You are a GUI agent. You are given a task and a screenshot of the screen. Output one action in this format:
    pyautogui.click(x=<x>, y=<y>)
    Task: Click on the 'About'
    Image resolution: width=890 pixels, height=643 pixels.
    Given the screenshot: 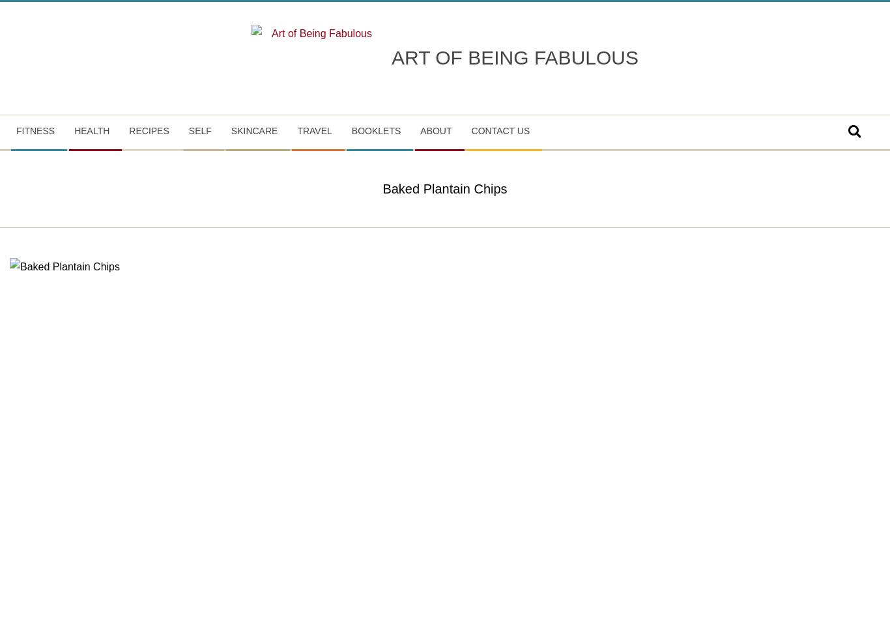 What is the action you would take?
    pyautogui.click(x=435, y=129)
    